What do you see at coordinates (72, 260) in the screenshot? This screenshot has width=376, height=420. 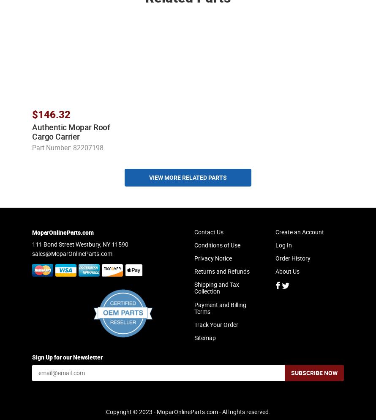 I see `'sales@MoparOnlineParts.com'` at bounding box center [72, 260].